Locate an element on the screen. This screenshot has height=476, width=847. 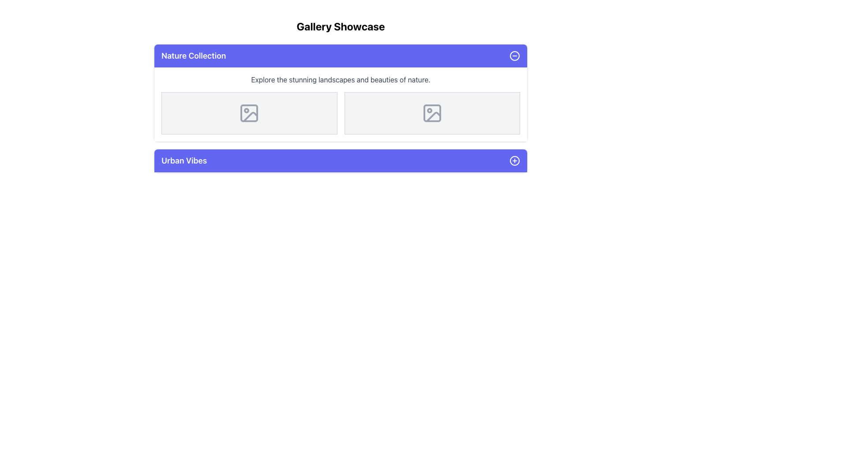
the gray image frame icon with a circle and diagonal line located in the left card of the 'Nature Collection' section is located at coordinates (249, 113).